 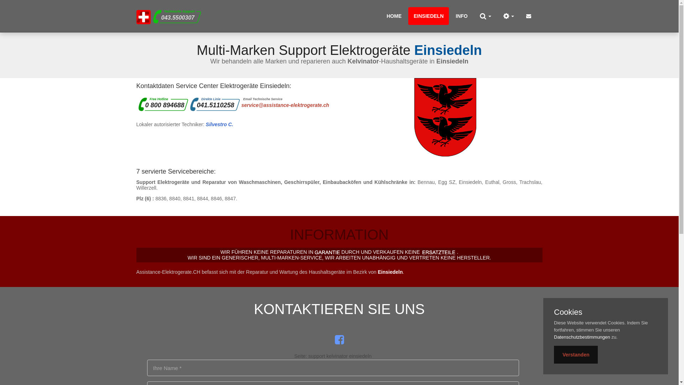 What do you see at coordinates (576, 355) in the screenshot?
I see `'Verstanden'` at bounding box center [576, 355].